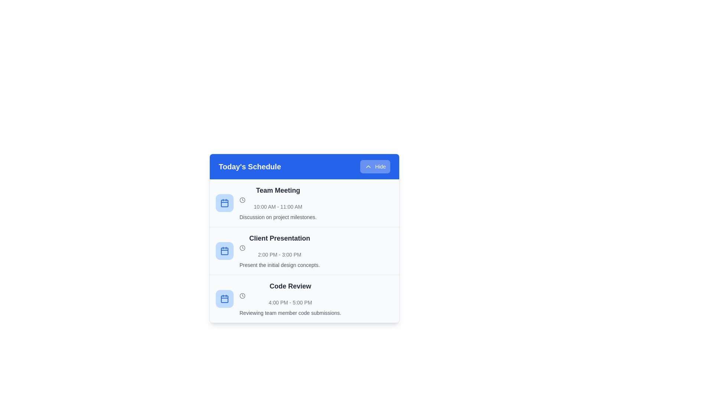  I want to click on the calendar icon within the light blue rounded rectangular button located at the top left of the 'Team Meeting' list item in the 'Today's Schedule' section, so click(224, 203).